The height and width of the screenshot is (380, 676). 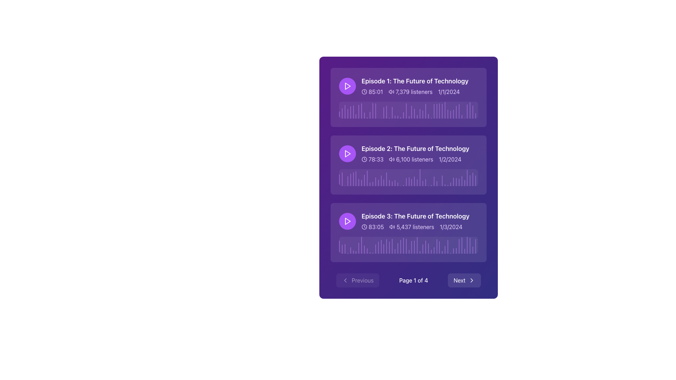 What do you see at coordinates (403, 245) in the screenshot?
I see `the vertical purple bar in the waveform visualization, which is positioned in the 28th slot below the record titled 'Episode 3: The Future of Technology'` at bounding box center [403, 245].